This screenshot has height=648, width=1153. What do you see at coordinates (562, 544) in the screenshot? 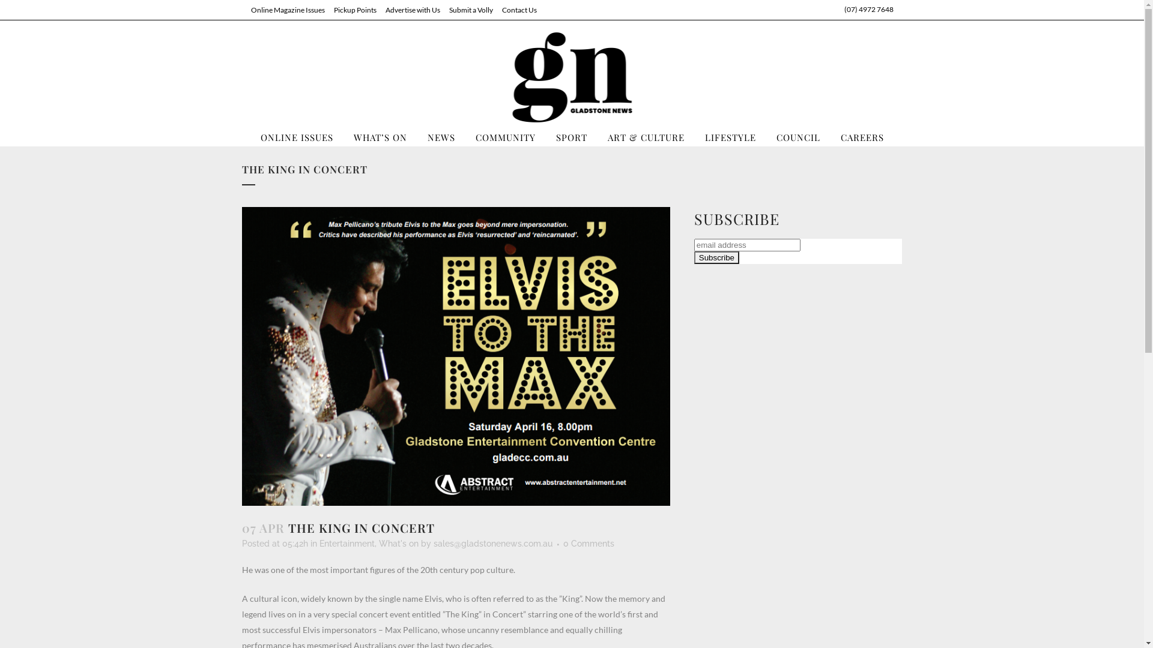
I see `'0 Comments'` at bounding box center [562, 544].